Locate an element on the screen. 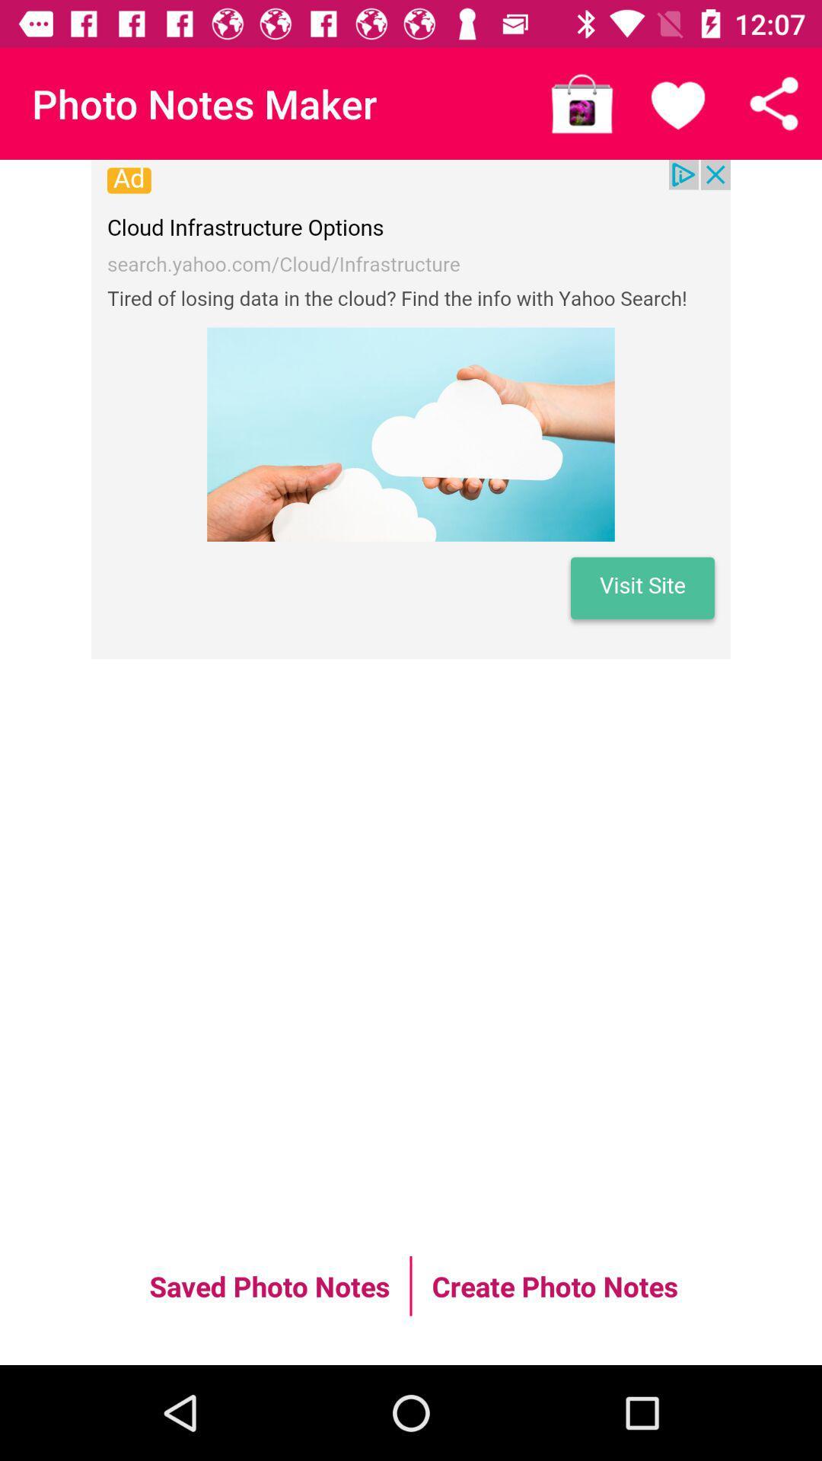  like the page is located at coordinates (677, 103).